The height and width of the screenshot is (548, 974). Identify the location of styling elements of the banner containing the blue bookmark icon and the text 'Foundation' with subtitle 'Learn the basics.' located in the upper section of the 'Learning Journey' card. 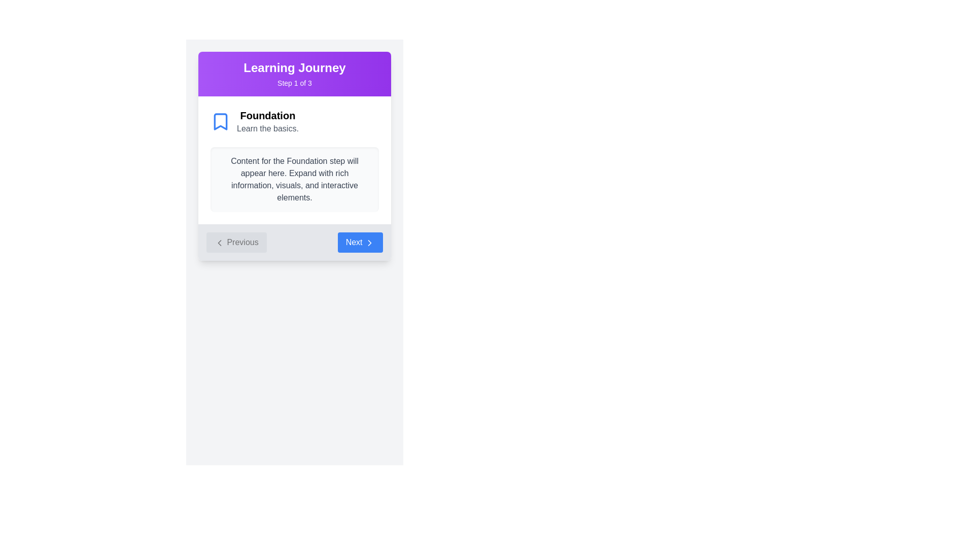
(294, 121).